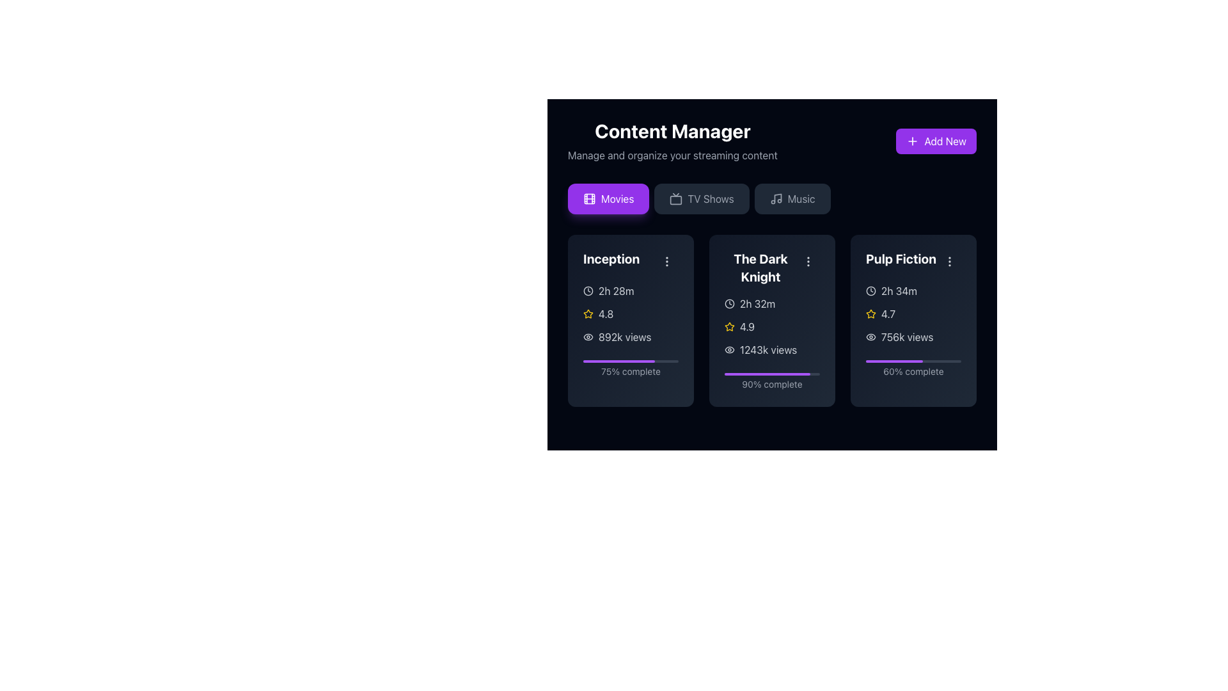  I want to click on the text label identifying the movie 'The Dark Knight', which is positioned under the 'Content Manager' header, in the middle tile of a three-tile layout, so click(760, 267).